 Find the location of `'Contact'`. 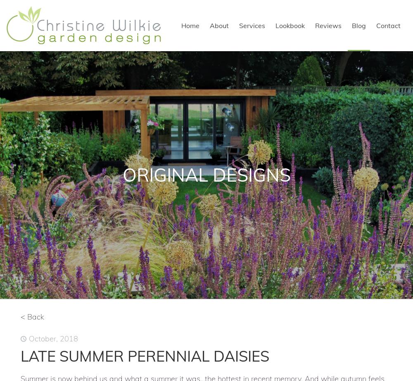

'Contact' is located at coordinates (388, 26).